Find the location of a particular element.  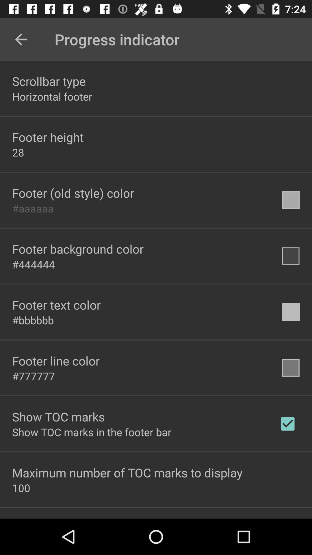

the #aaaaaa is located at coordinates (33, 208).